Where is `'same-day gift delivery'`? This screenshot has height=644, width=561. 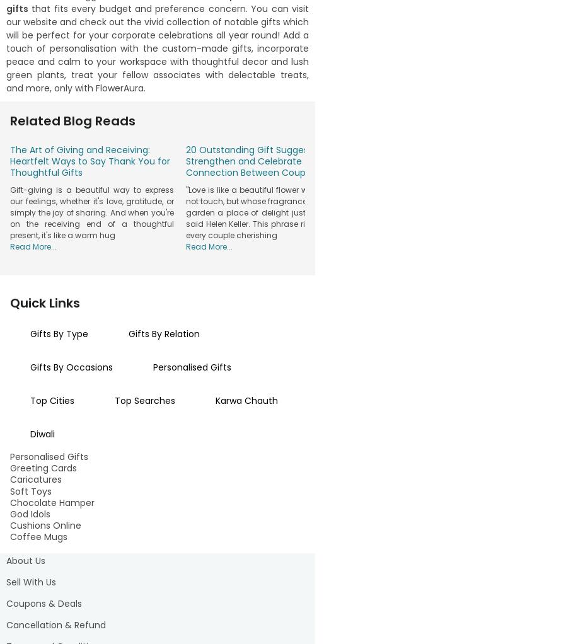
'same-day gift delivery' is located at coordinates (224, 560).